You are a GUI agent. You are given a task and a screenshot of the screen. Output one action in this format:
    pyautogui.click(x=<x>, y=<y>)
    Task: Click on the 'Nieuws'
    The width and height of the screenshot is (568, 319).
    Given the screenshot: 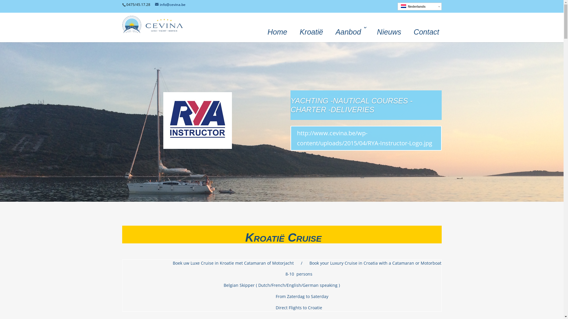 What is the action you would take?
    pyautogui.click(x=389, y=31)
    